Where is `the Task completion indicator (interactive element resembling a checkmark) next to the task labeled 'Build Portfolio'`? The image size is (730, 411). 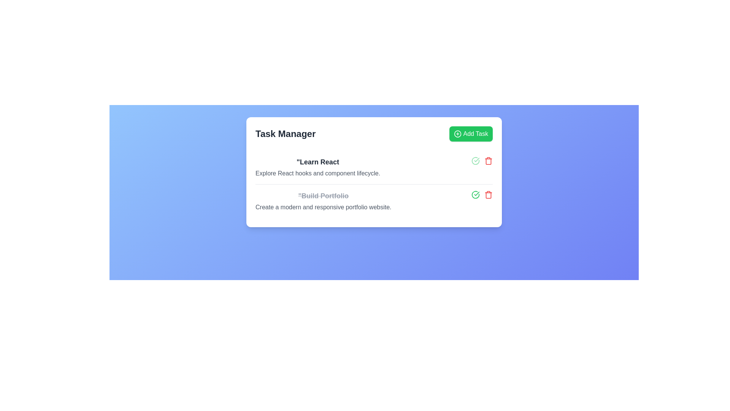 the Task completion indicator (interactive element resembling a checkmark) next to the task labeled 'Build Portfolio' is located at coordinates (476, 159).